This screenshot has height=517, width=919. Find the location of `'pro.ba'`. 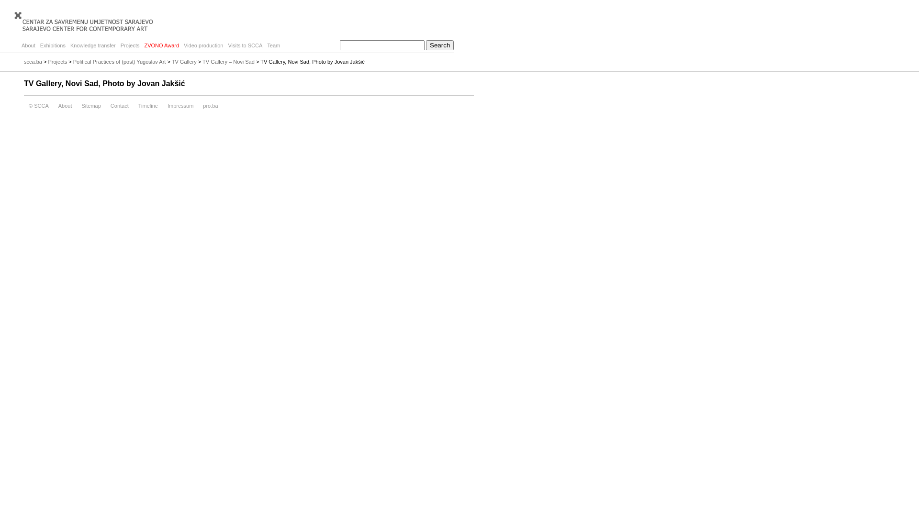

'pro.ba' is located at coordinates (210, 105).